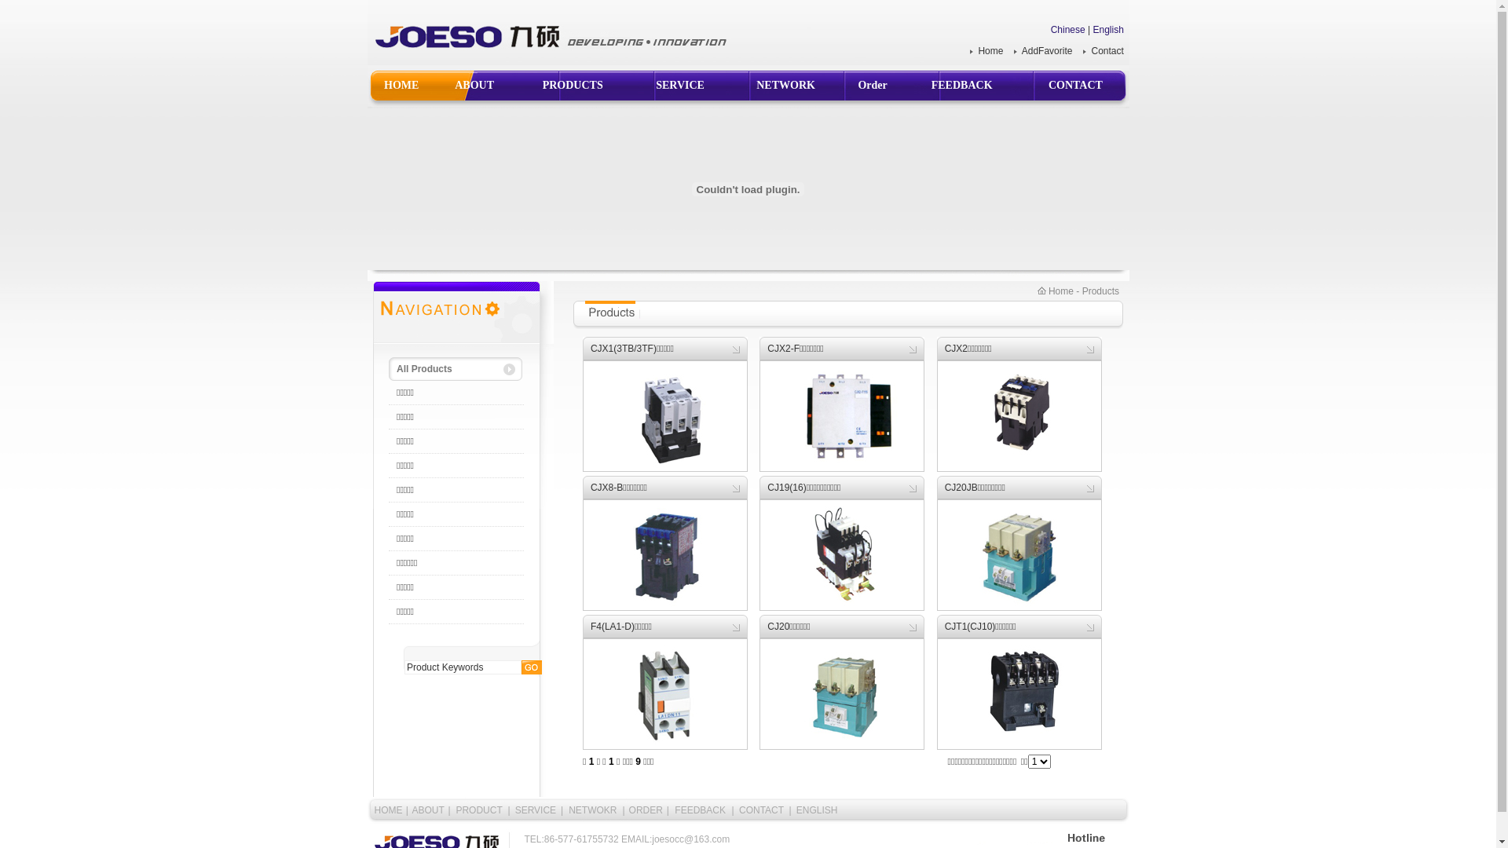 The width and height of the screenshot is (1508, 848). What do you see at coordinates (990, 50) in the screenshot?
I see `'Home'` at bounding box center [990, 50].